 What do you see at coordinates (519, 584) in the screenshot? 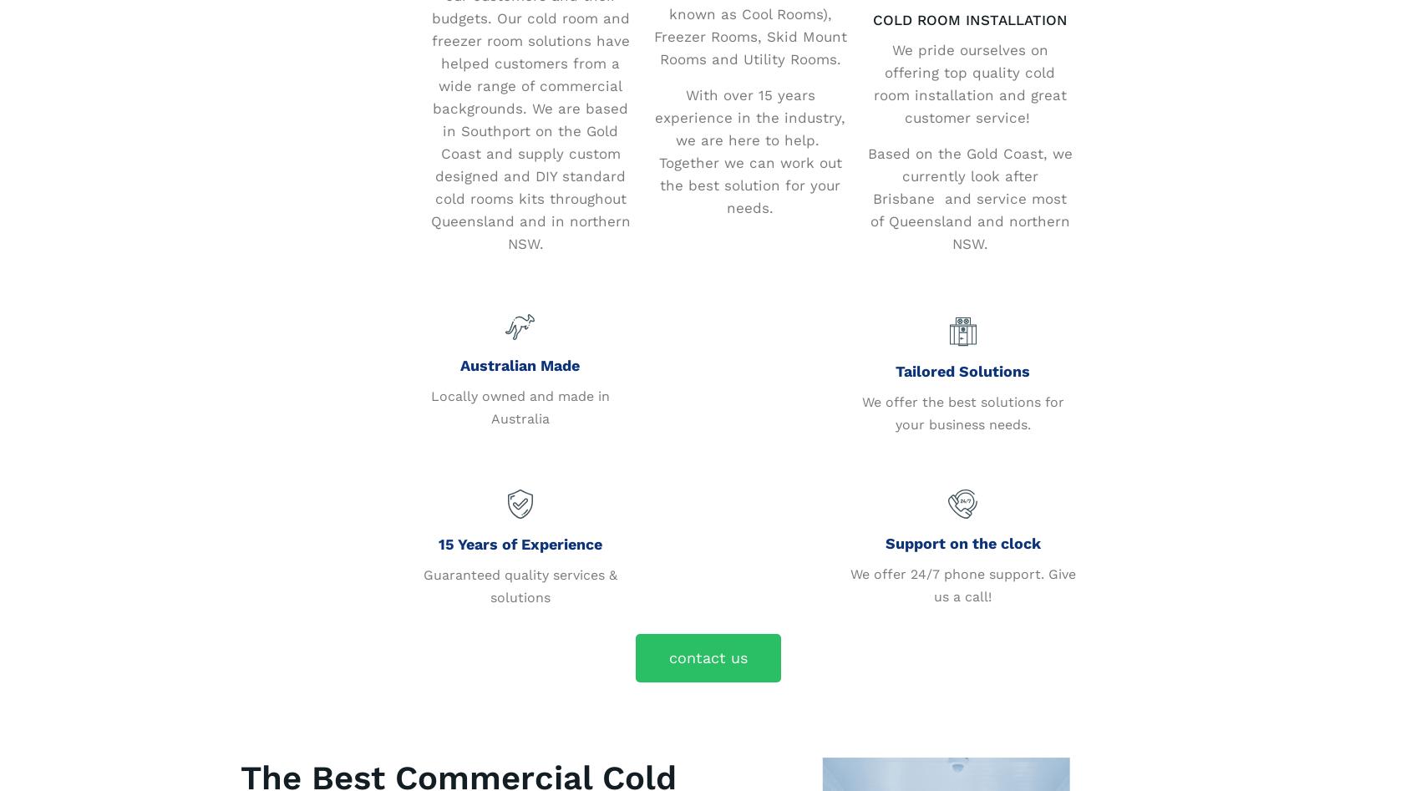
I see `'Guaranteed quality services & solutions'` at bounding box center [519, 584].